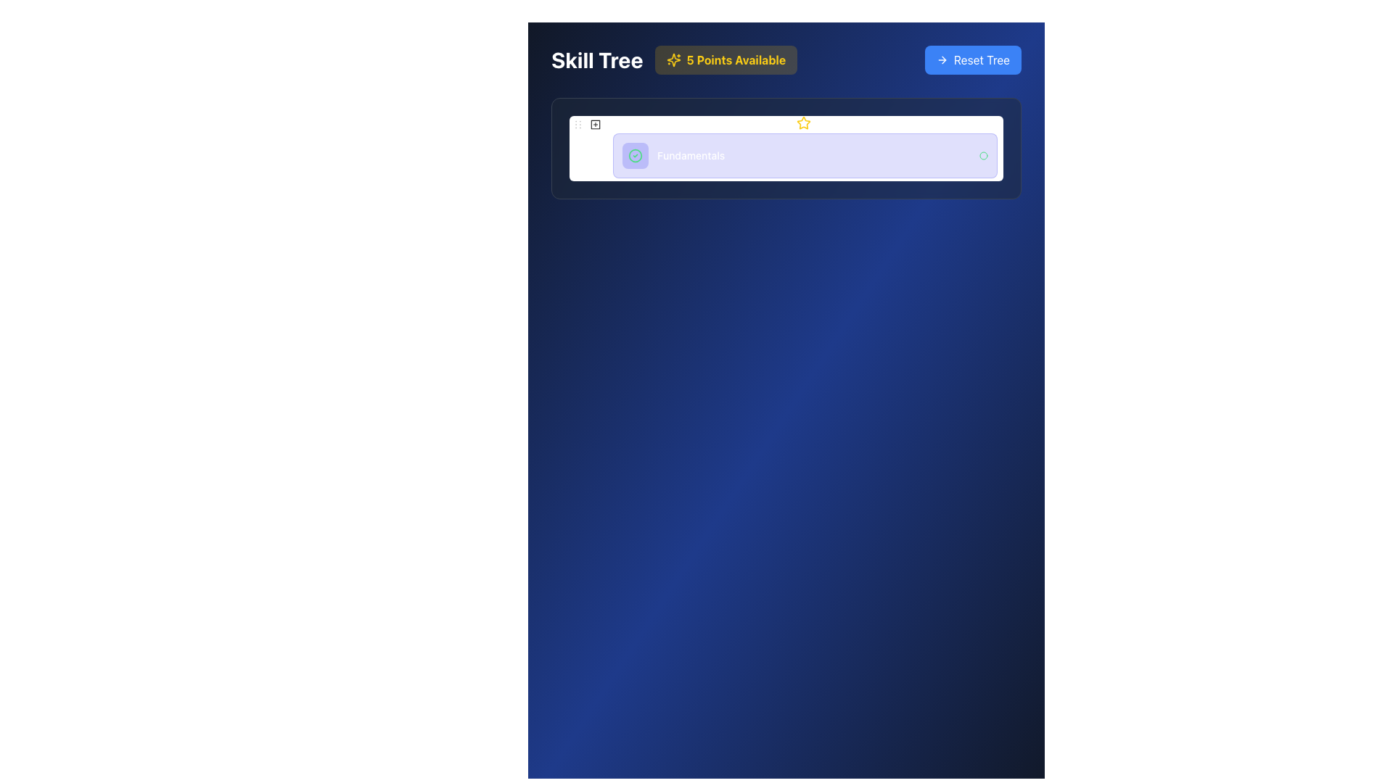 This screenshot has height=783, width=1393. Describe the element at coordinates (577, 124) in the screenshot. I see `the draggable icon located to the left of the label 'Fundamentals' in the hierarchical tree structure to initiate dragging` at that location.